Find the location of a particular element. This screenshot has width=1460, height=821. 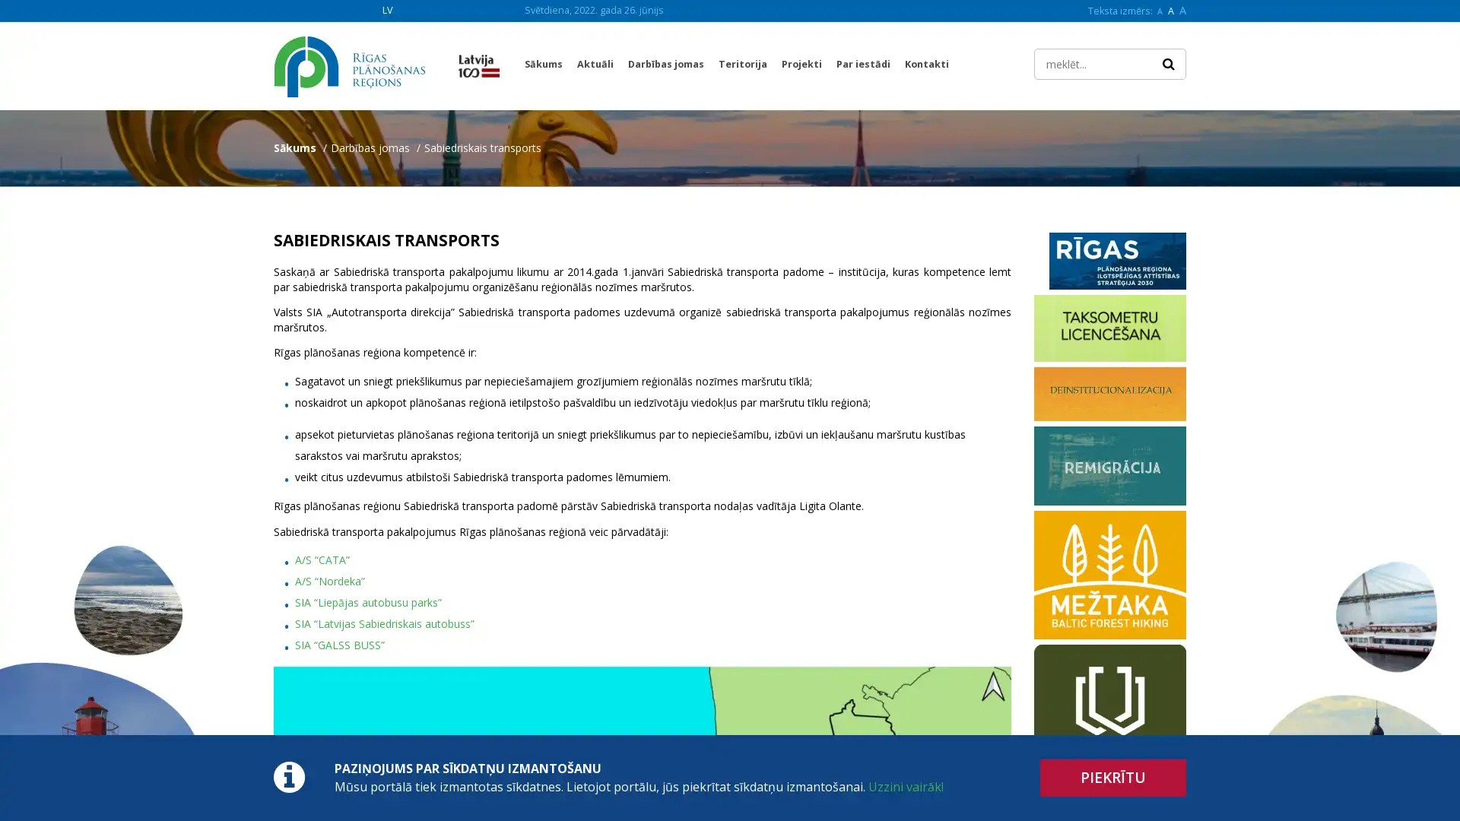

PIEKRITU is located at coordinates (1113, 778).